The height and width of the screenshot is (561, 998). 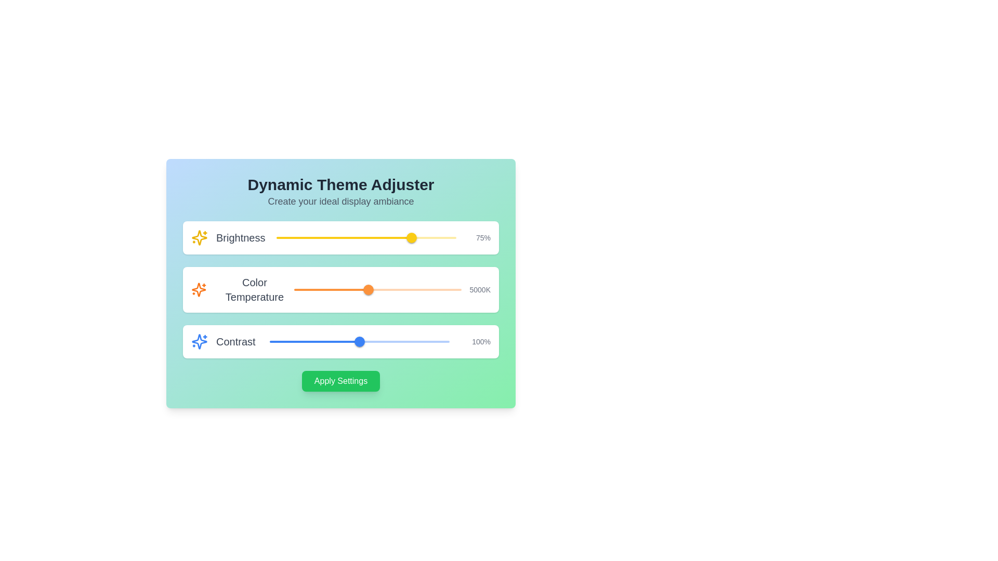 I want to click on the brightness icon located near the top left of the user interface, adjacent to the 'Brightness' label, so click(x=200, y=238).